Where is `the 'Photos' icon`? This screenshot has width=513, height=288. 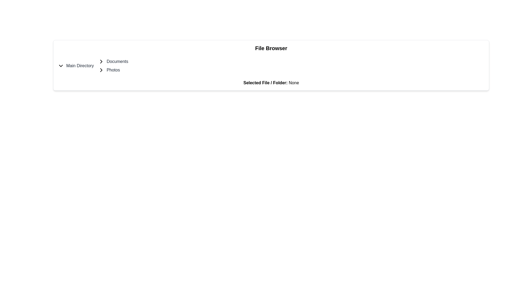
the 'Photos' icon is located at coordinates (101, 70).